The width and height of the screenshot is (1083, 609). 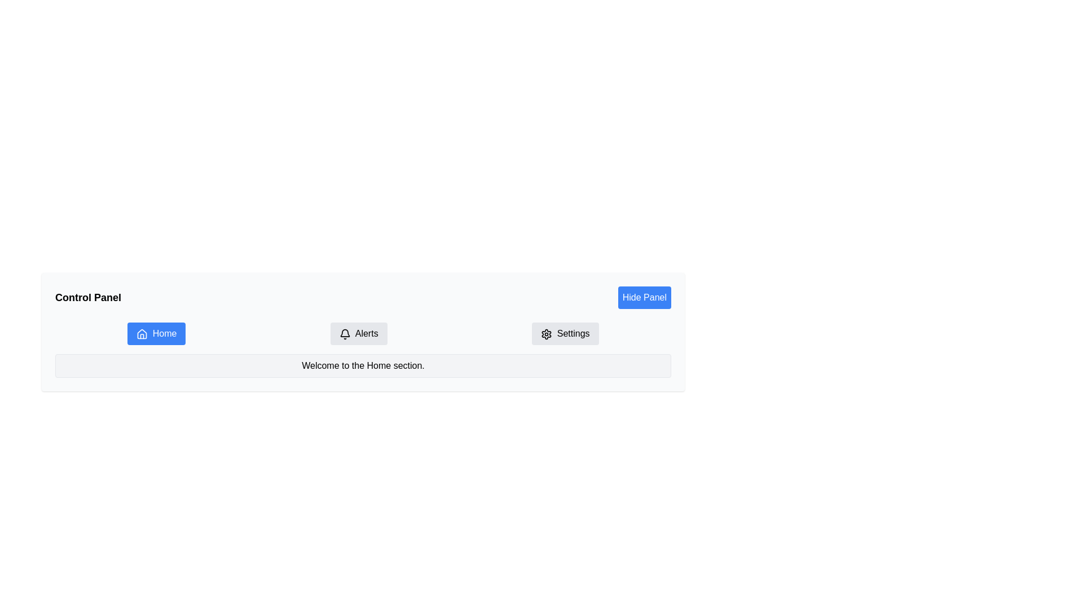 What do you see at coordinates (142, 333) in the screenshot?
I see `the 'Home' button, which is the first button in a row of three buttons within the control panel section` at bounding box center [142, 333].